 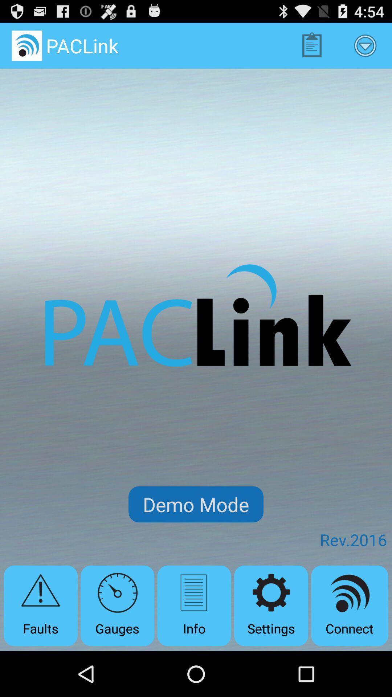 I want to click on the gauges, so click(x=117, y=606).